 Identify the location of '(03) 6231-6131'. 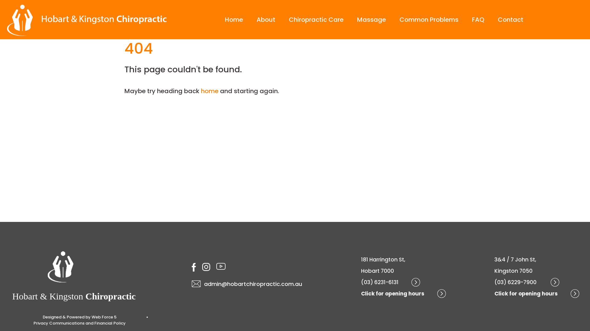
(390, 282).